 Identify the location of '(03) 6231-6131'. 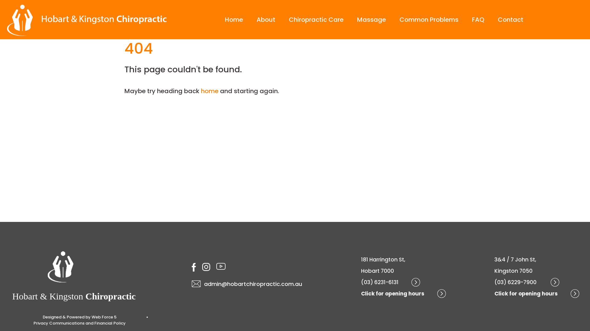
(390, 282).